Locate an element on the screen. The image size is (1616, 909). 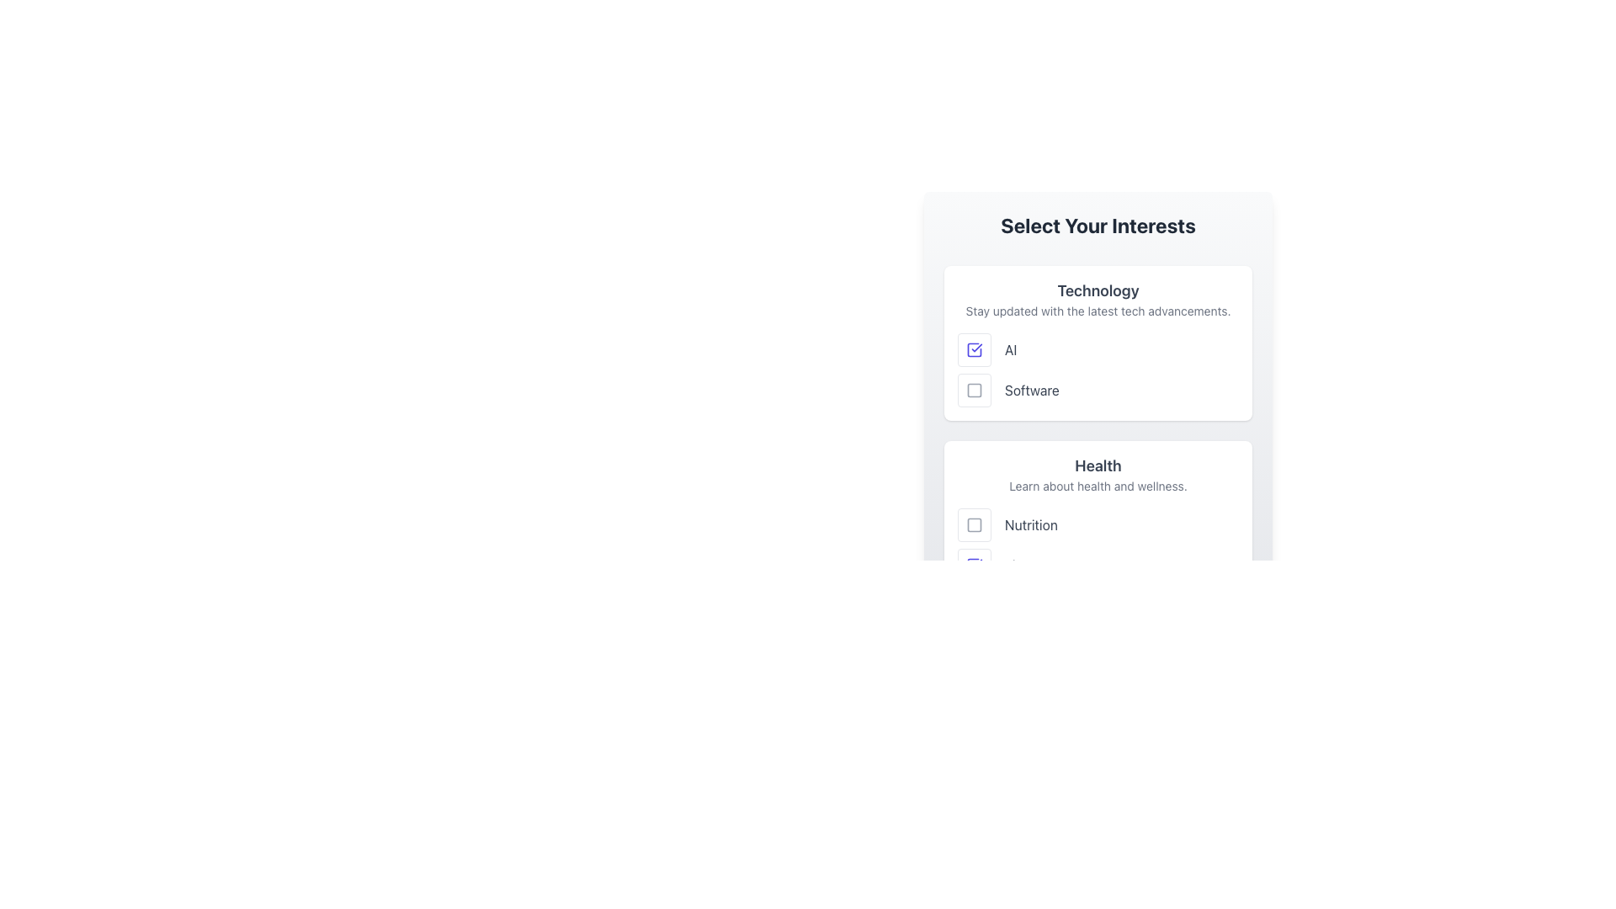
the light indigo checkbox icon representing the selection state under the 'Health' category is located at coordinates (974, 565).